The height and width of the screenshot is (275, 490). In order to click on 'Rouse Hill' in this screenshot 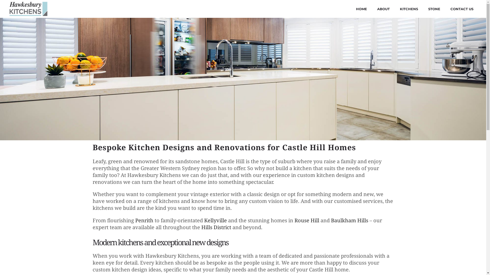, I will do `click(307, 220)`.